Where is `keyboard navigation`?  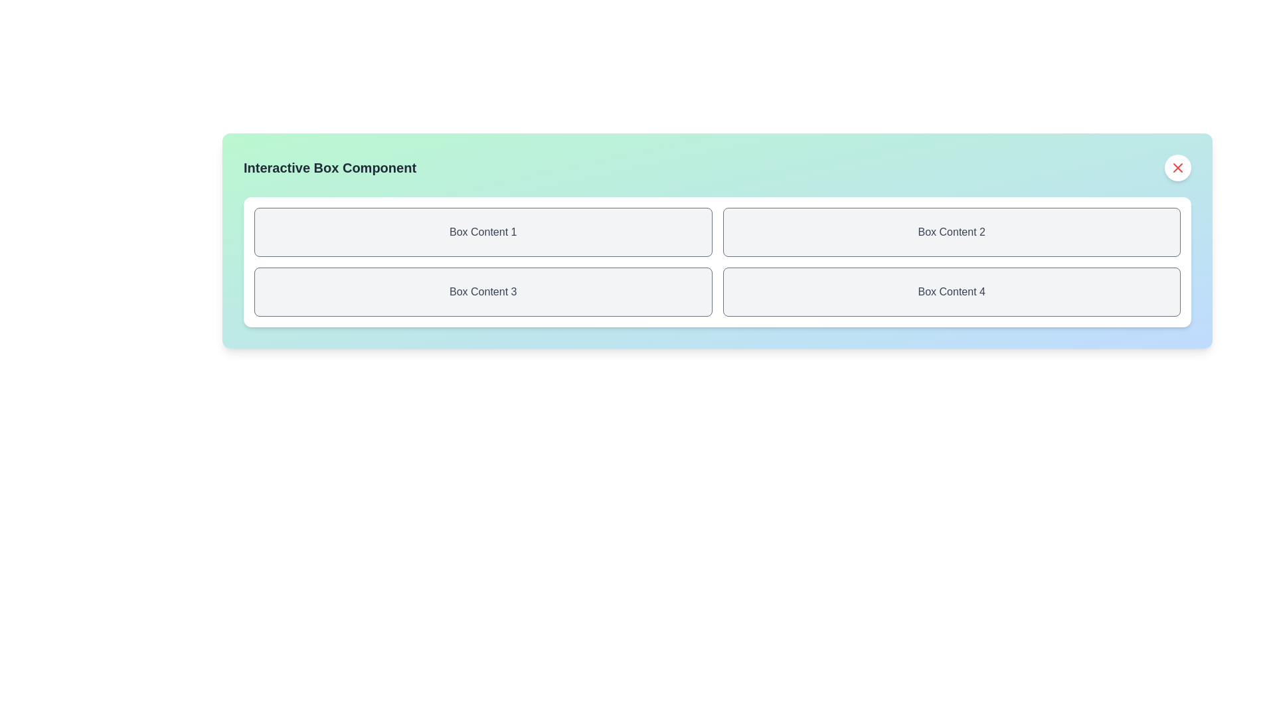 keyboard navigation is located at coordinates (951, 232).